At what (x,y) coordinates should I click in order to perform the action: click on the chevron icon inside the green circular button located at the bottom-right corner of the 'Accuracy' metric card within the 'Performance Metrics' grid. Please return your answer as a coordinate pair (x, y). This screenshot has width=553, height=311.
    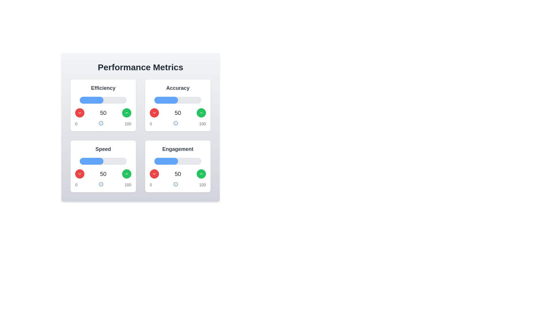
    Looking at the image, I should click on (201, 113).